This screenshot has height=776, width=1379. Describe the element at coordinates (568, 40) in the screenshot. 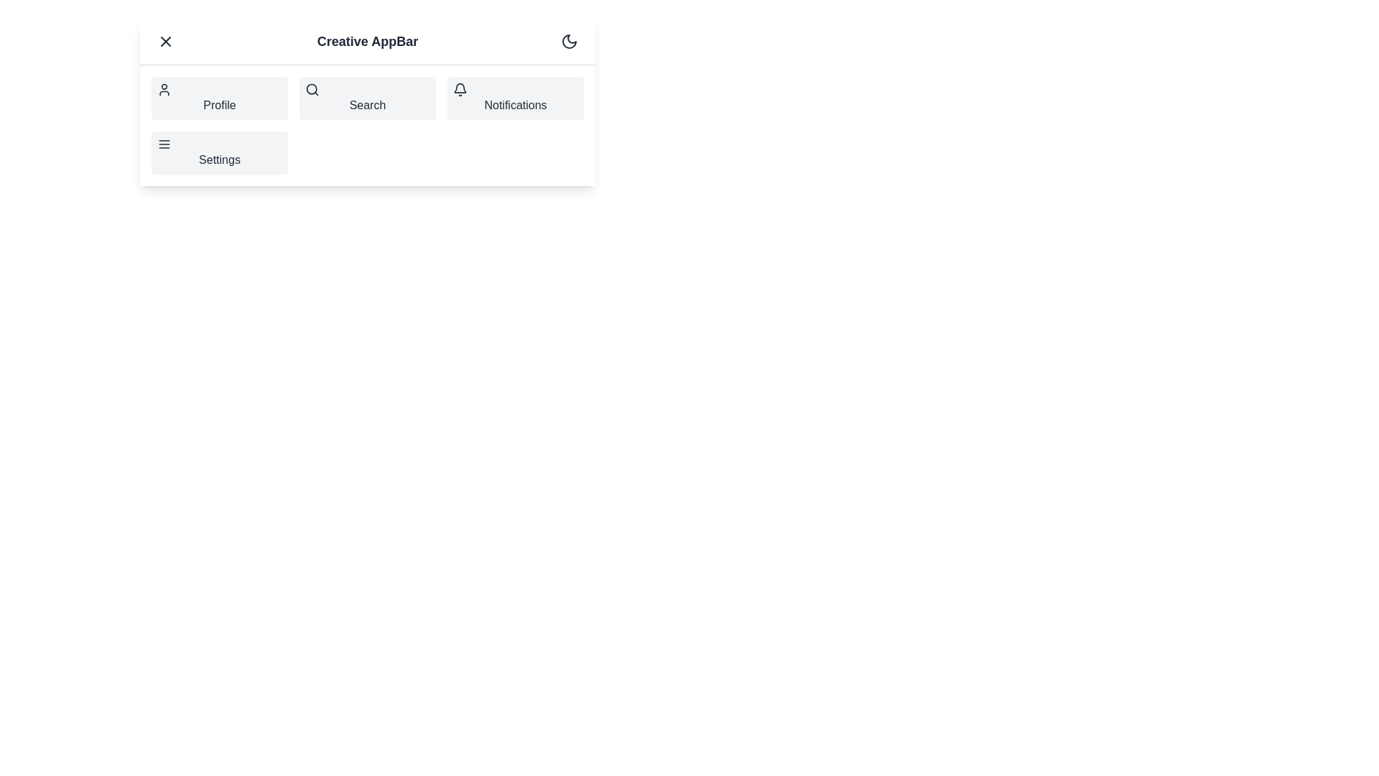

I see `the dark mode toggle button located at the top-right corner of the app bar` at that location.